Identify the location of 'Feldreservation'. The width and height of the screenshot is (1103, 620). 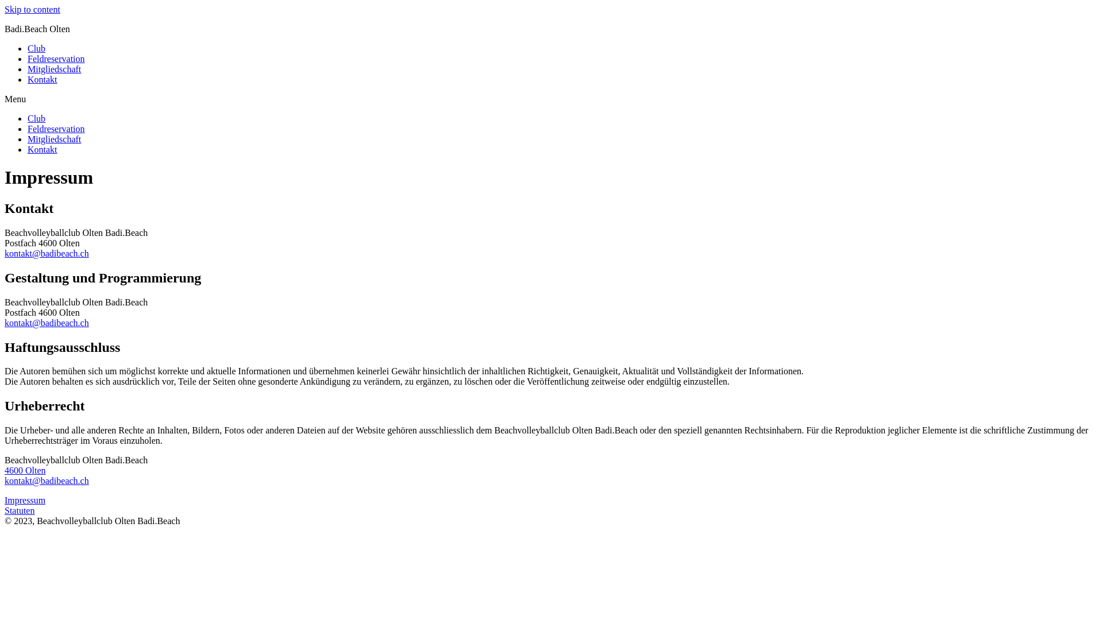
(55, 59).